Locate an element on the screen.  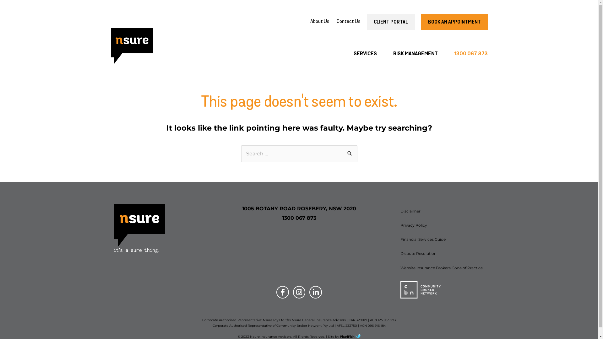
'Financial Services Guide' is located at coordinates (442, 239).